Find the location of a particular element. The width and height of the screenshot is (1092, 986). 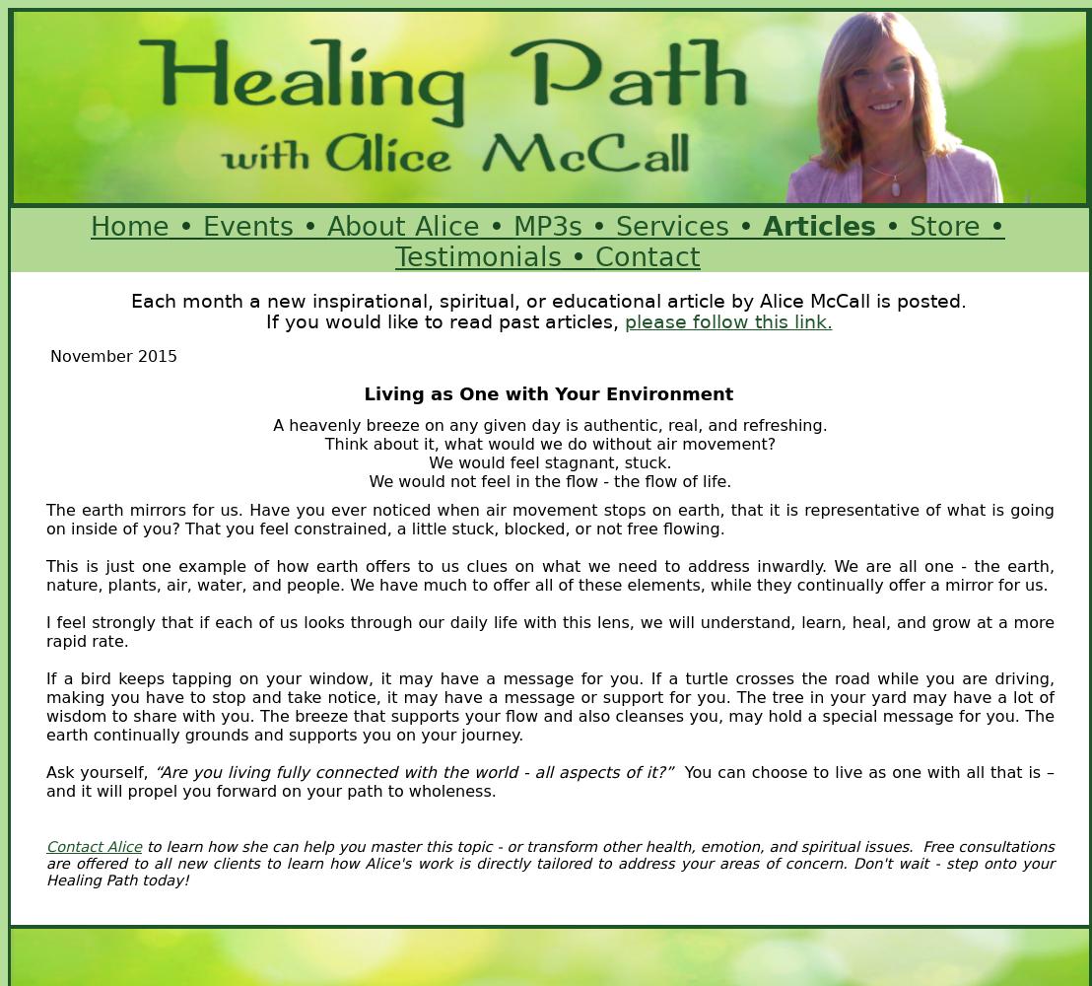

'please follow this link.' is located at coordinates (726, 320).